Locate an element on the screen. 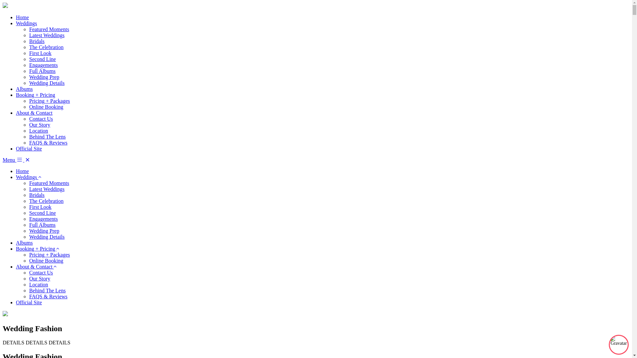  'Contact Us' is located at coordinates (41, 272).